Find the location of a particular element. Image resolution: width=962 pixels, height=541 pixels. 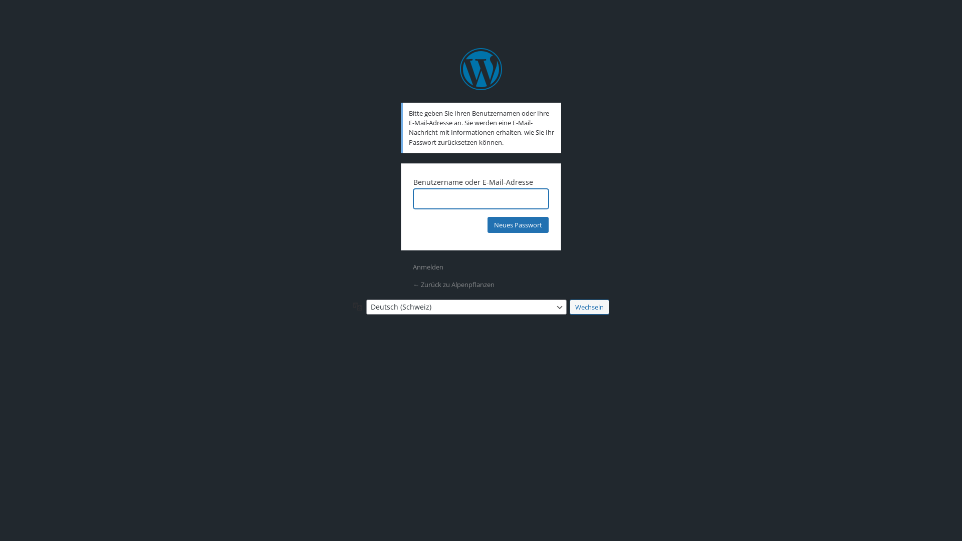

'Wechseln' is located at coordinates (589, 307).